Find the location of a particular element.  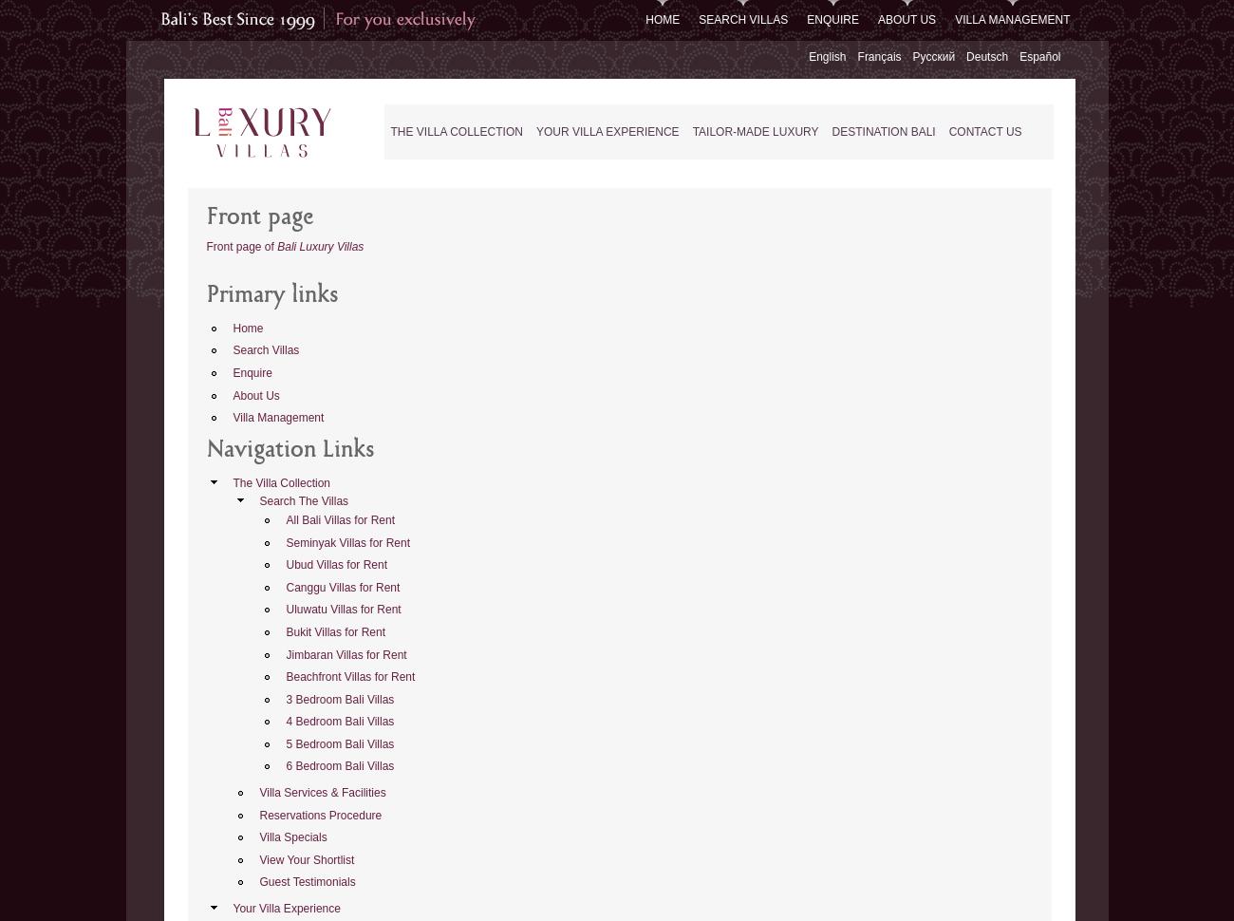

'Front page' is located at coordinates (259, 217).